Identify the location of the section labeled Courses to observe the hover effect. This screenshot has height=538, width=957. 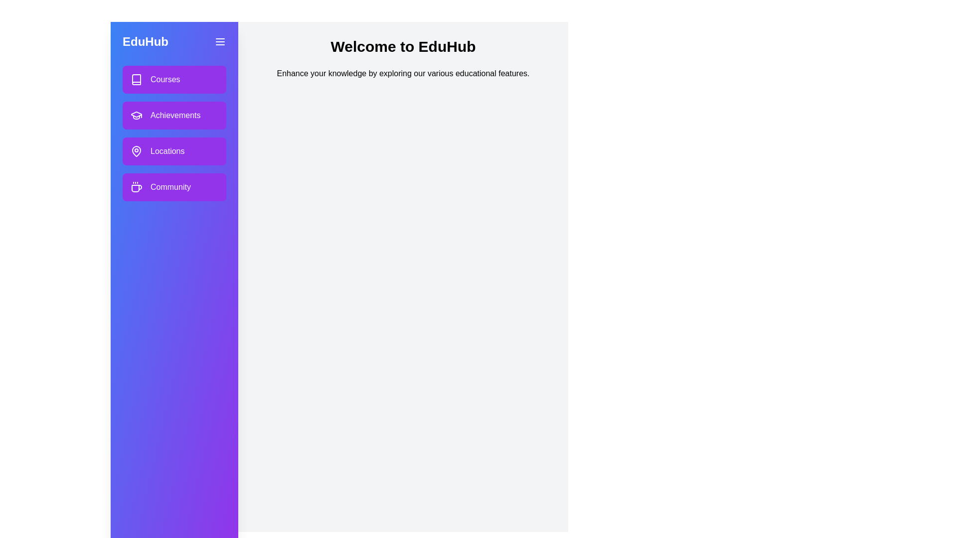
(174, 79).